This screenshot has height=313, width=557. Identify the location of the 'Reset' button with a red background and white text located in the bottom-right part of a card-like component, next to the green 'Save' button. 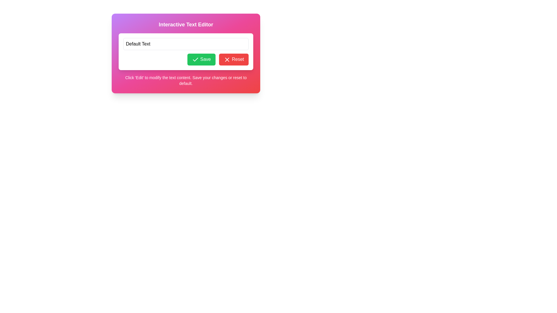
(234, 59).